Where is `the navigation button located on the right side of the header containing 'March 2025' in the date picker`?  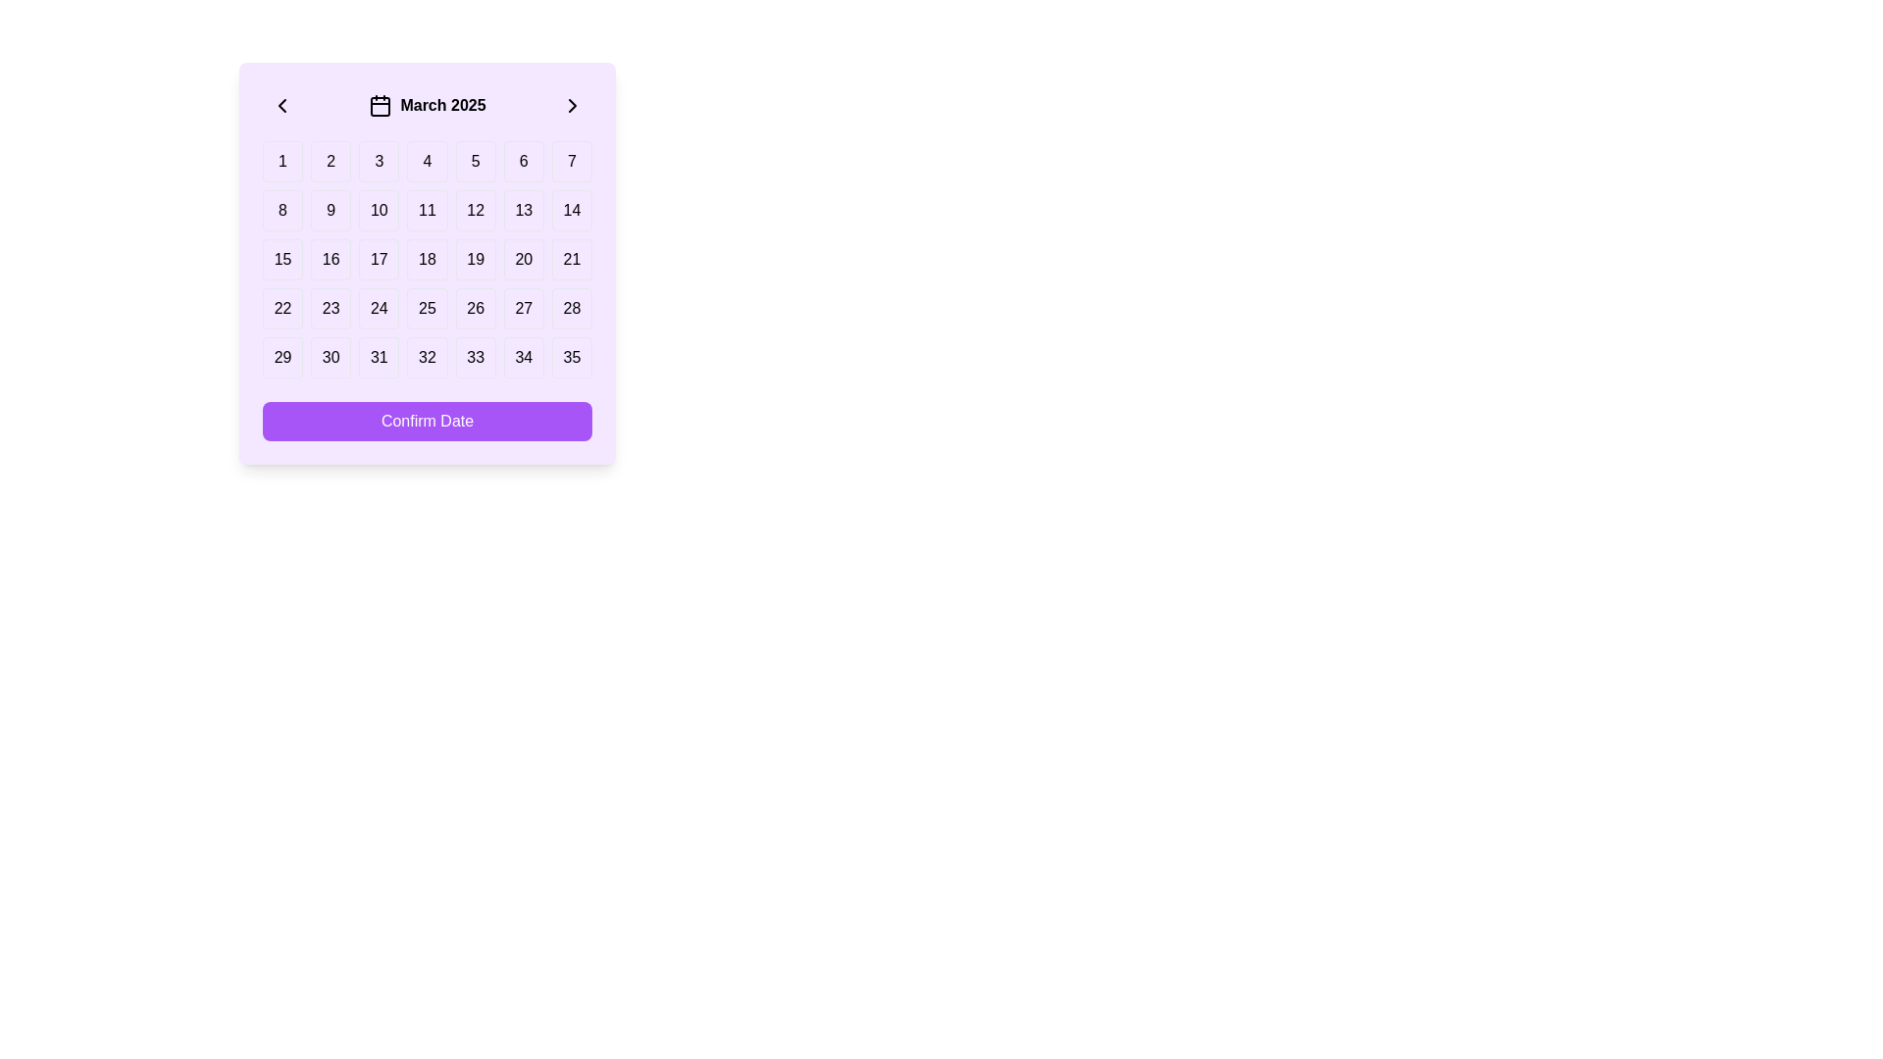 the navigation button located on the right side of the header containing 'March 2025' in the date picker is located at coordinates (572, 106).